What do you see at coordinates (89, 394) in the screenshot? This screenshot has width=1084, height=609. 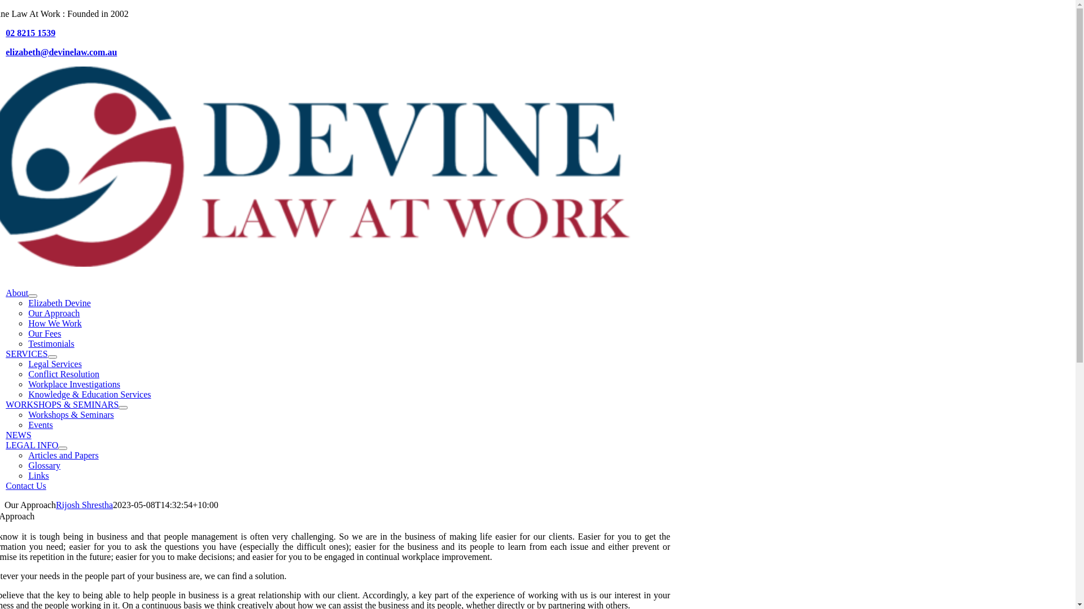 I see `'Knowledge & Education Services'` at bounding box center [89, 394].